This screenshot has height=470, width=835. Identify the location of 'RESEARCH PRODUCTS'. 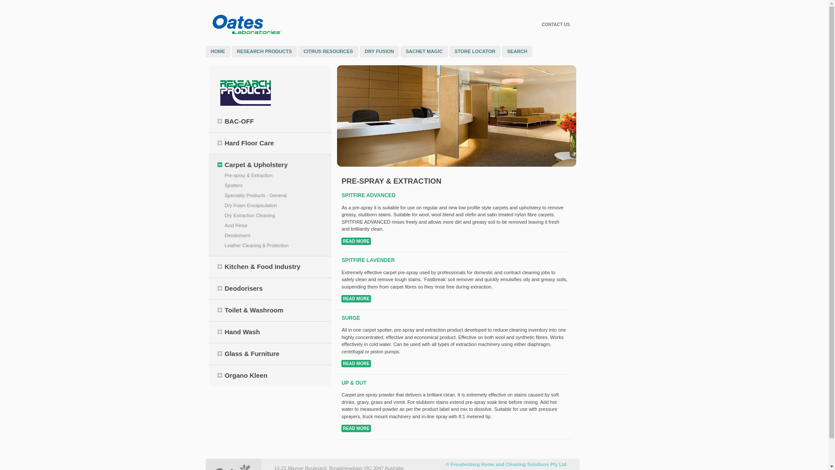
(264, 51).